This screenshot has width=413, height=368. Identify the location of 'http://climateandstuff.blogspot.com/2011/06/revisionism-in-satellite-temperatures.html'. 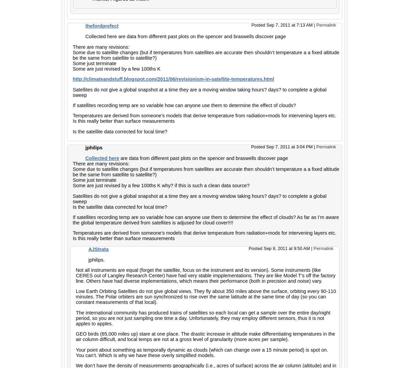
(72, 78).